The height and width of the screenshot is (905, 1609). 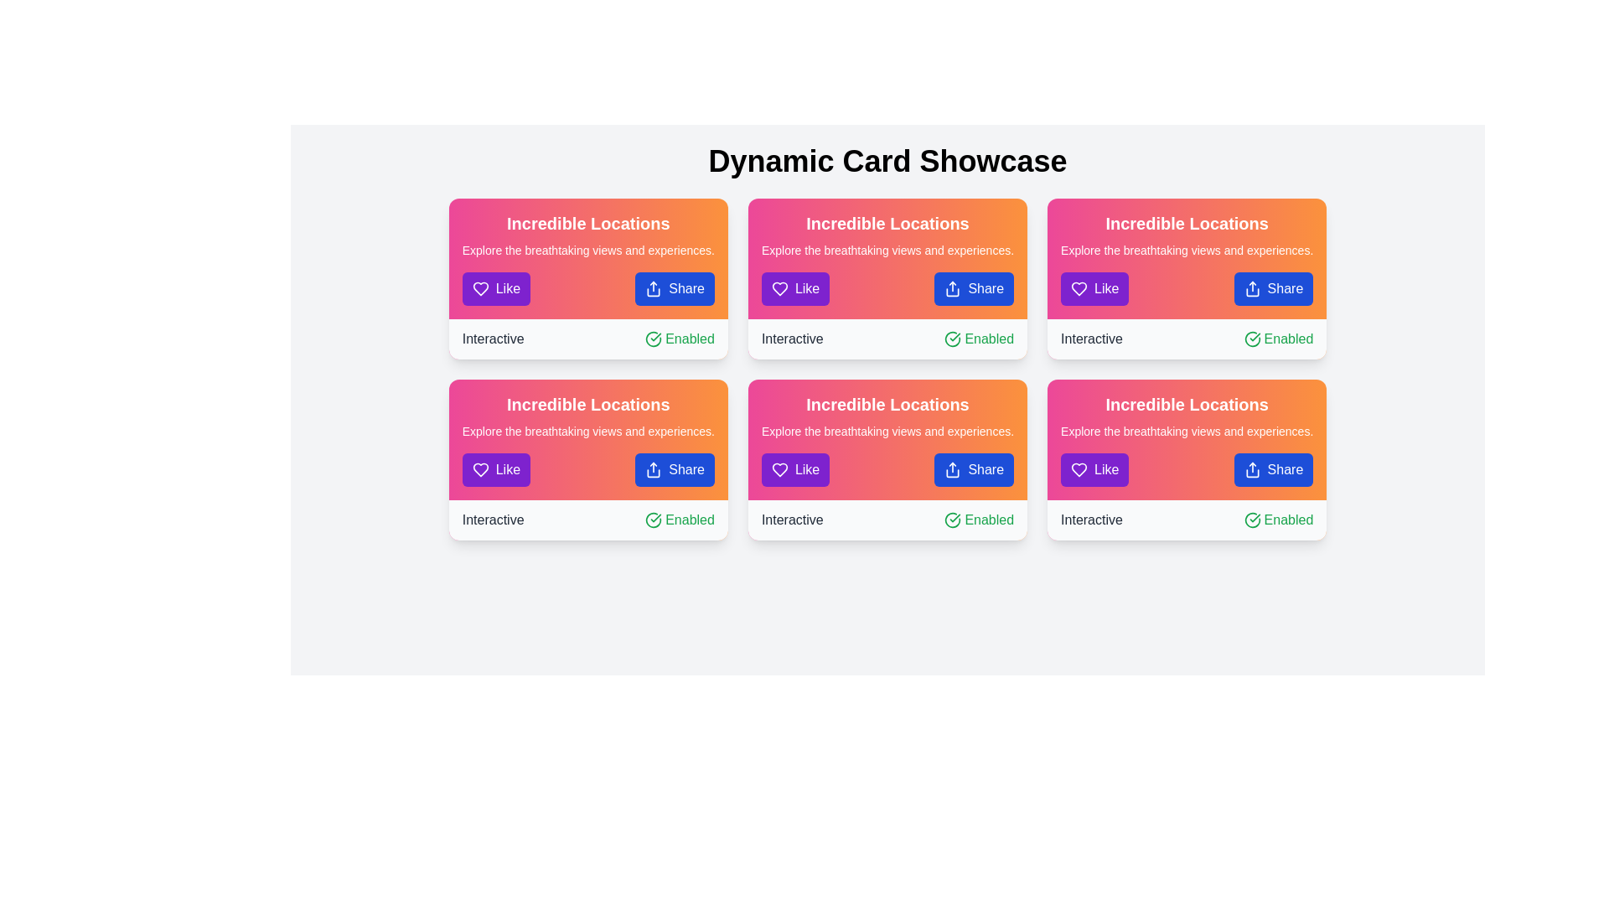 I want to click on the fourth interactive card in the grid located in the top-right corner, which allows users to 'Like' or 'Share' its content, to trigger potential animations, so click(x=1186, y=277).